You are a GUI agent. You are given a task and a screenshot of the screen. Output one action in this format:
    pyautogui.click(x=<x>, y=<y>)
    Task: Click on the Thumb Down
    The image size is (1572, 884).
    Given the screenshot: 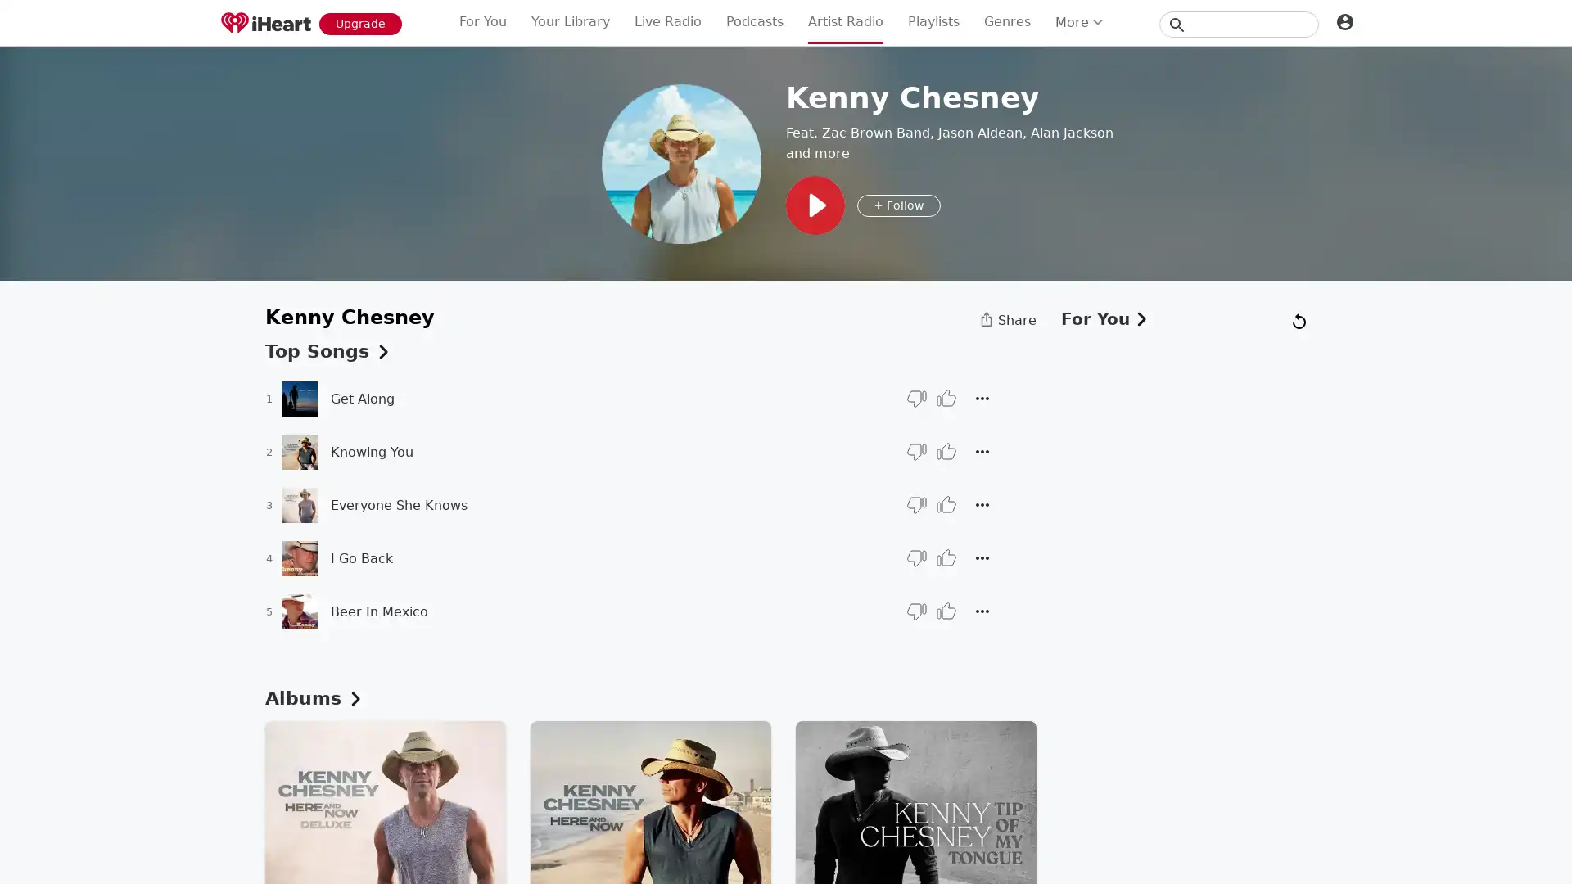 What is the action you would take?
    pyautogui.click(x=915, y=557)
    